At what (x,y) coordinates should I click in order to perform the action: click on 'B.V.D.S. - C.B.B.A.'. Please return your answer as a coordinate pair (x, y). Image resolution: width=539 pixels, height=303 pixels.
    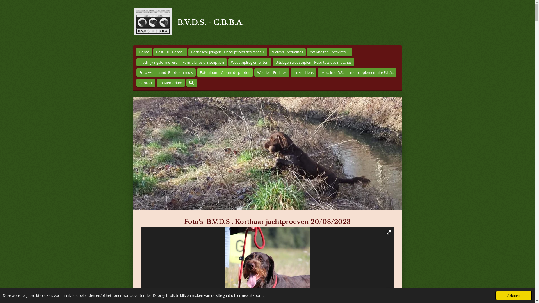
    Looking at the image, I should click on (134, 21).